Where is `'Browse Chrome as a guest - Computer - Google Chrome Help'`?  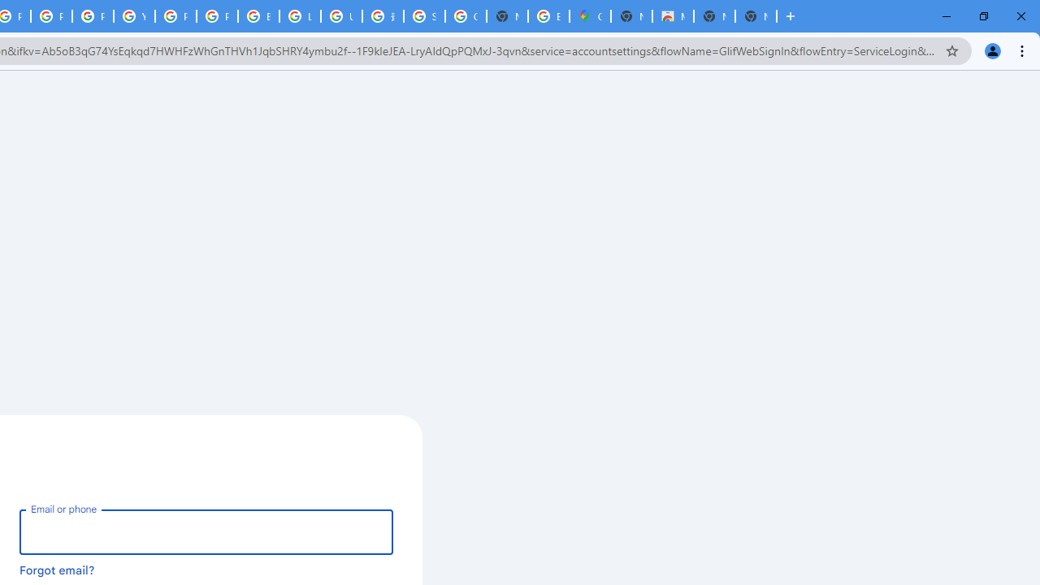 'Browse Chrome as a guest - Computer - Google Chrome Help' is located at coordinates (258, 16).